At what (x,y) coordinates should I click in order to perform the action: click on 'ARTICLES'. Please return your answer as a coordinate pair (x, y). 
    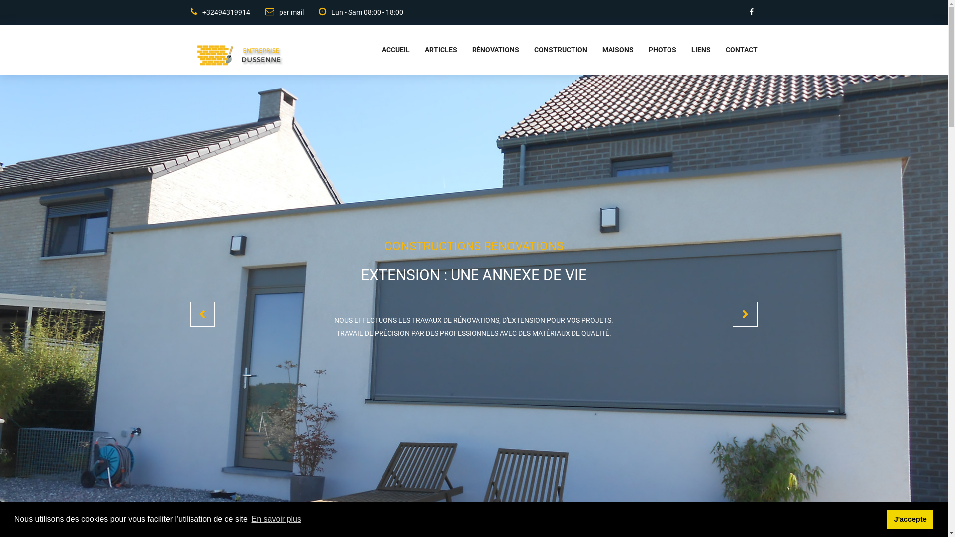
    Looking at the image, I should click on (433, 50).